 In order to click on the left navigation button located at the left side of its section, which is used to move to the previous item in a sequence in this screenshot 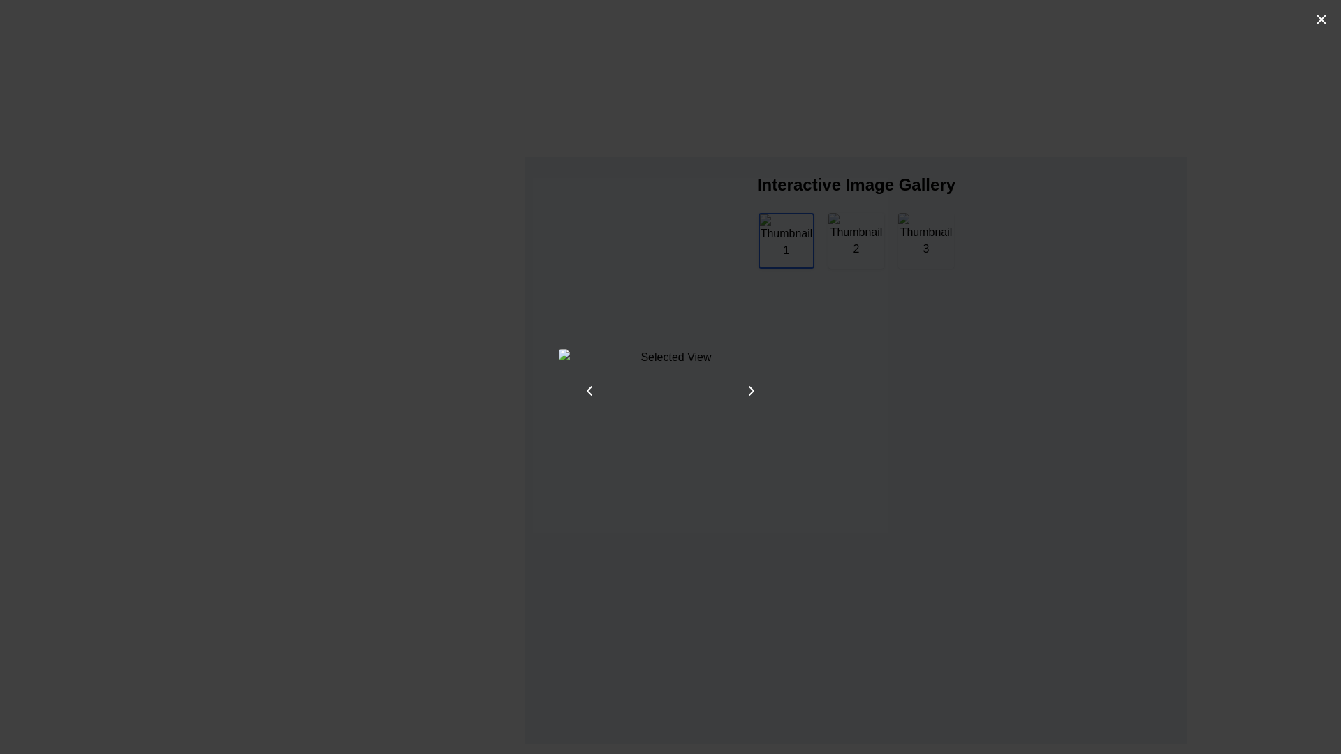, I will do `click(589, 390)`.